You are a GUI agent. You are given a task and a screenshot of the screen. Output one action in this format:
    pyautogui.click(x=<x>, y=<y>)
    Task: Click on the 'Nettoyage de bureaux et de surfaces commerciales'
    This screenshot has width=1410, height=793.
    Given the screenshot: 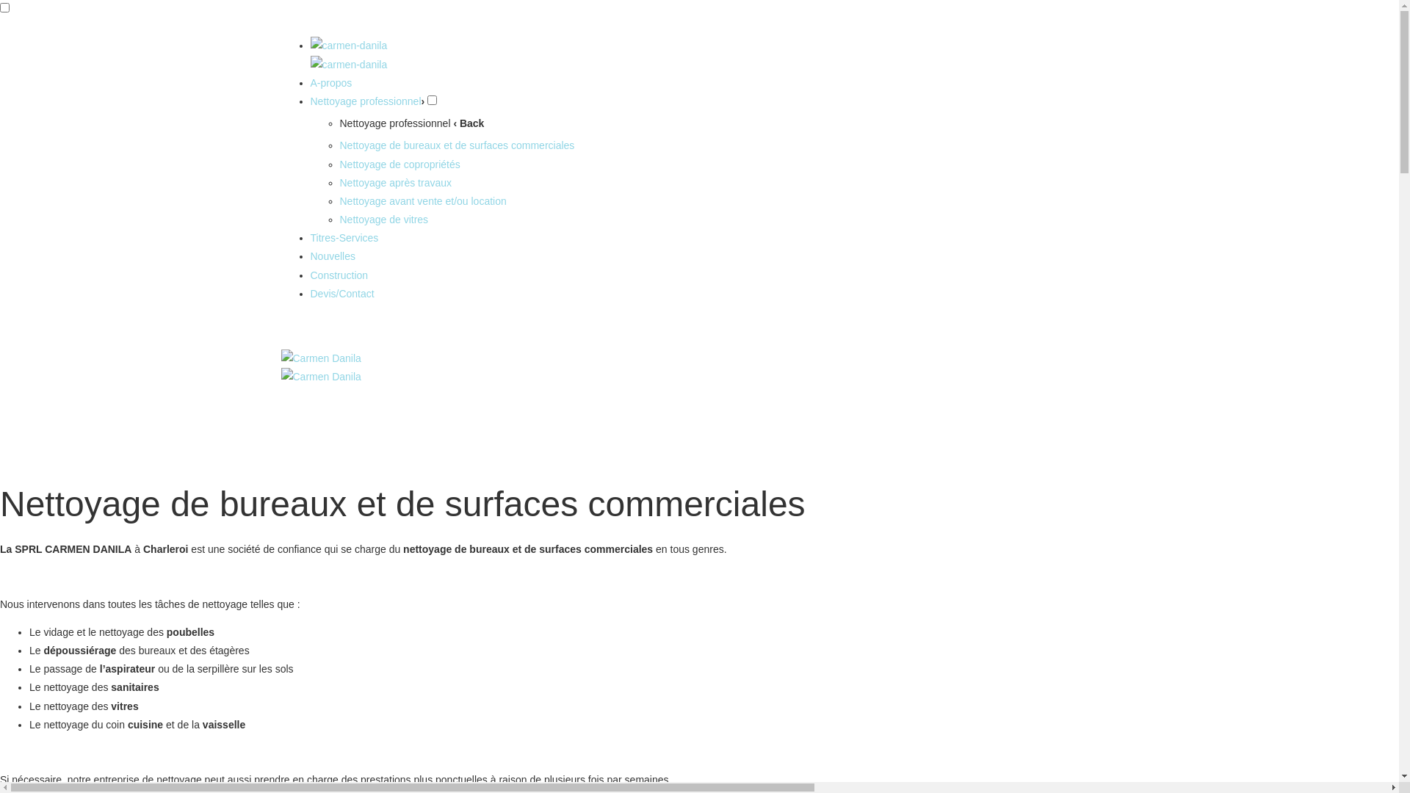 What is the action you would take?
    pyautogui.click(x=456, y=145)
    